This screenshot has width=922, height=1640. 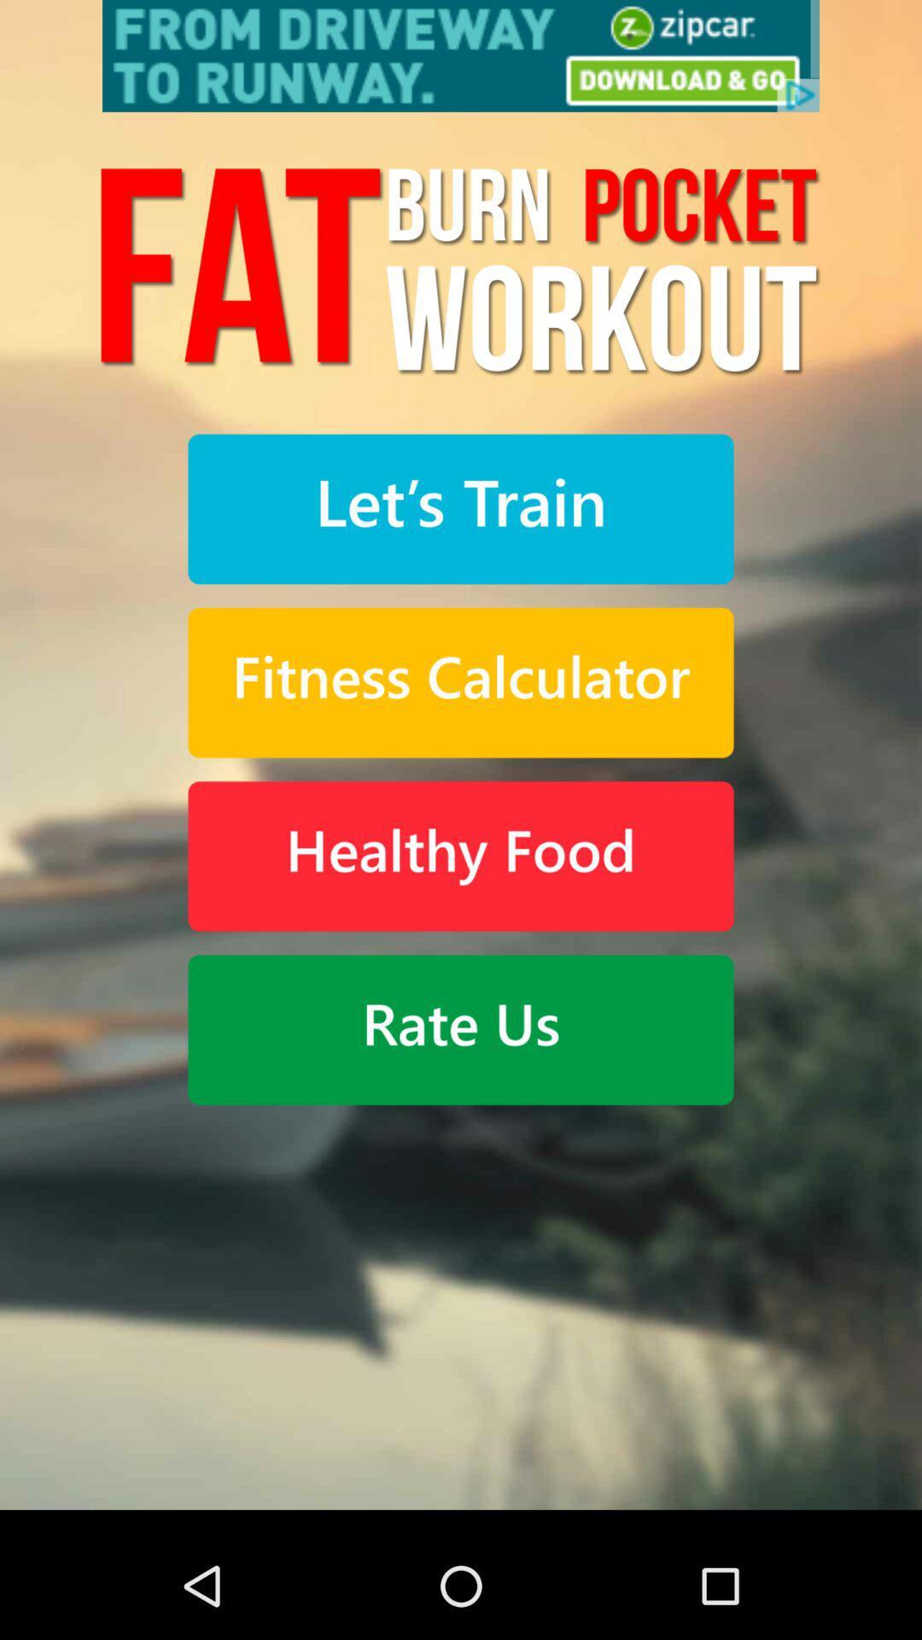 I want to click on use fitness calculator, so click(x=461, y=682).